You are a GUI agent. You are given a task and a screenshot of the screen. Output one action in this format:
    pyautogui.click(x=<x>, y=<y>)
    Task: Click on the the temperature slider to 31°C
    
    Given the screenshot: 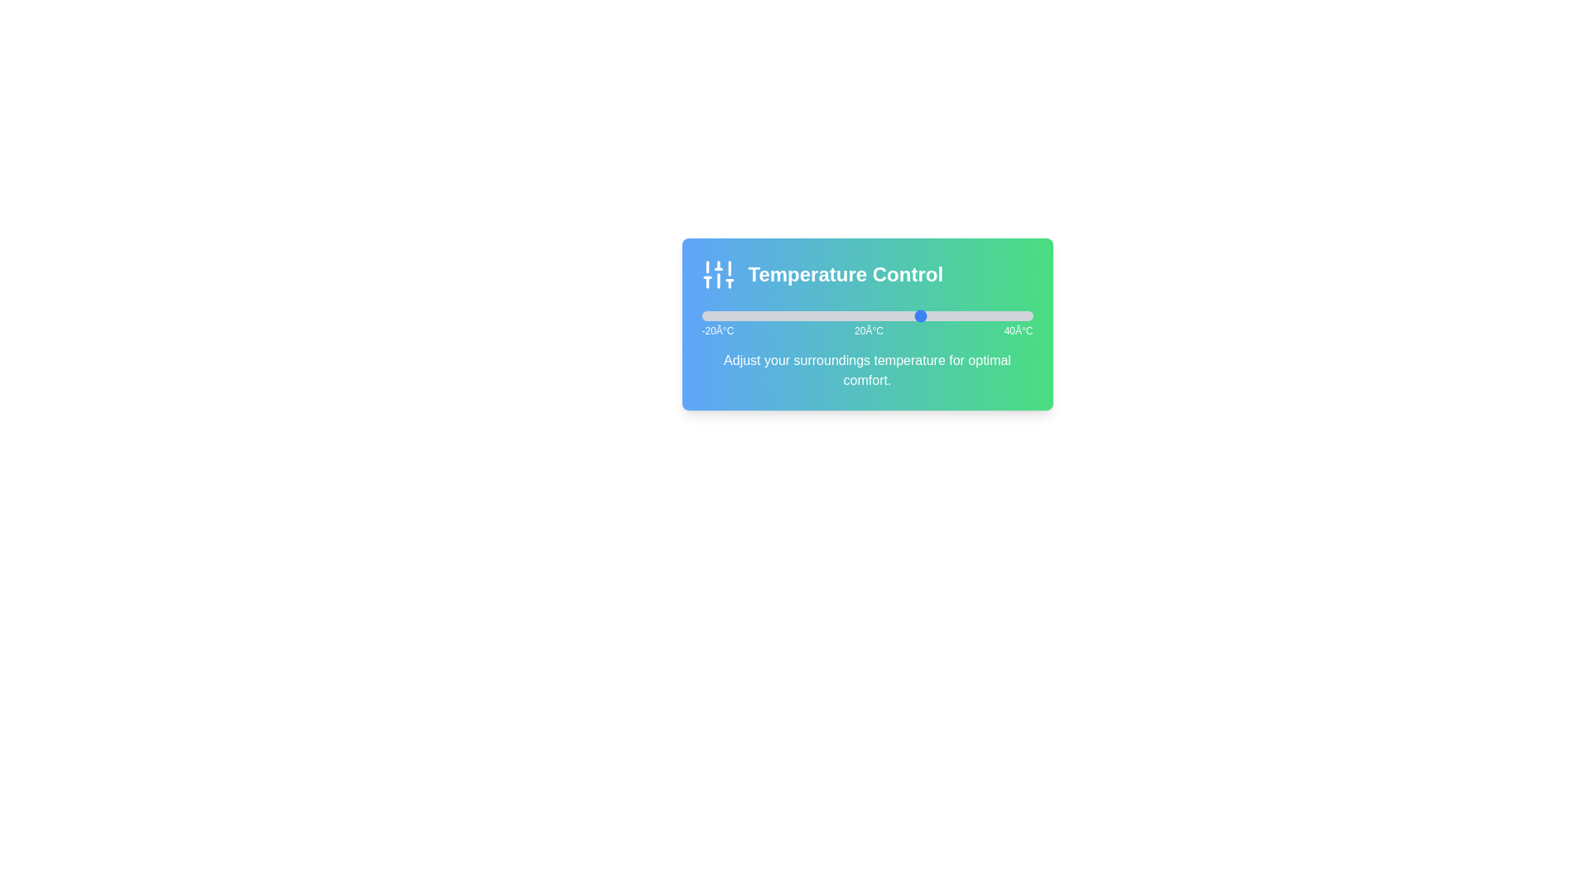 What is the action you would take?
    pyautogui.click(x=983, y=315)
    